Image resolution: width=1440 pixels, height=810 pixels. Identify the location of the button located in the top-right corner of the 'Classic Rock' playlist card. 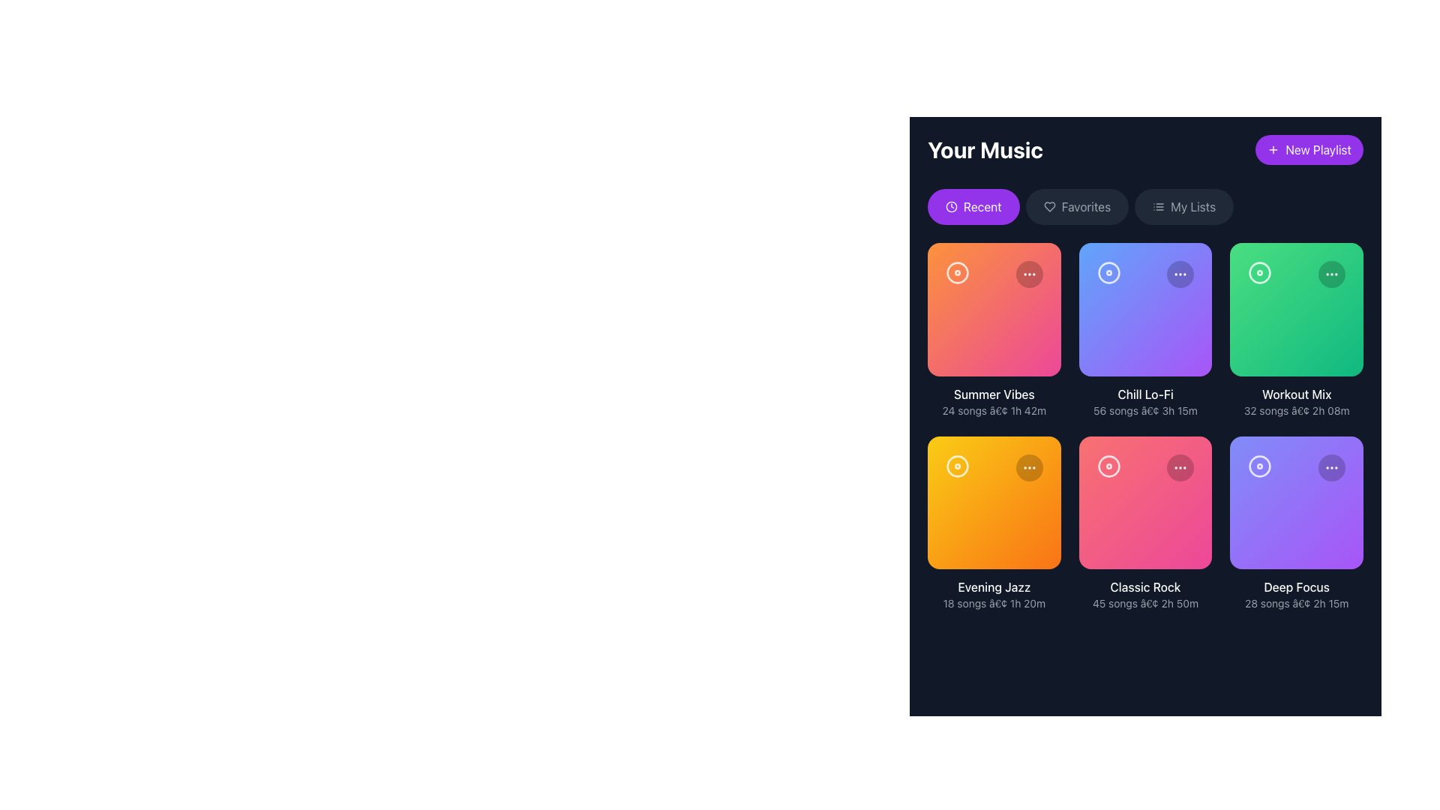
(1180, 466).